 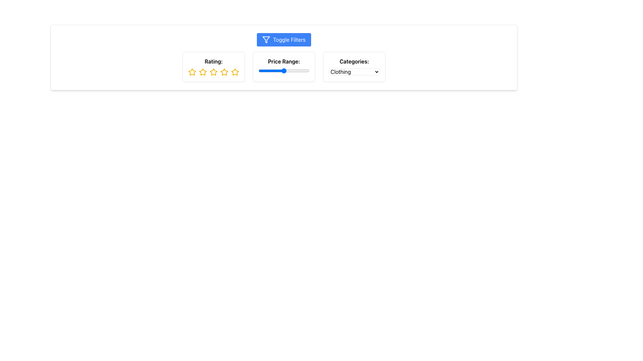 I want to click on the price range slider, so click(x=305, y=71).